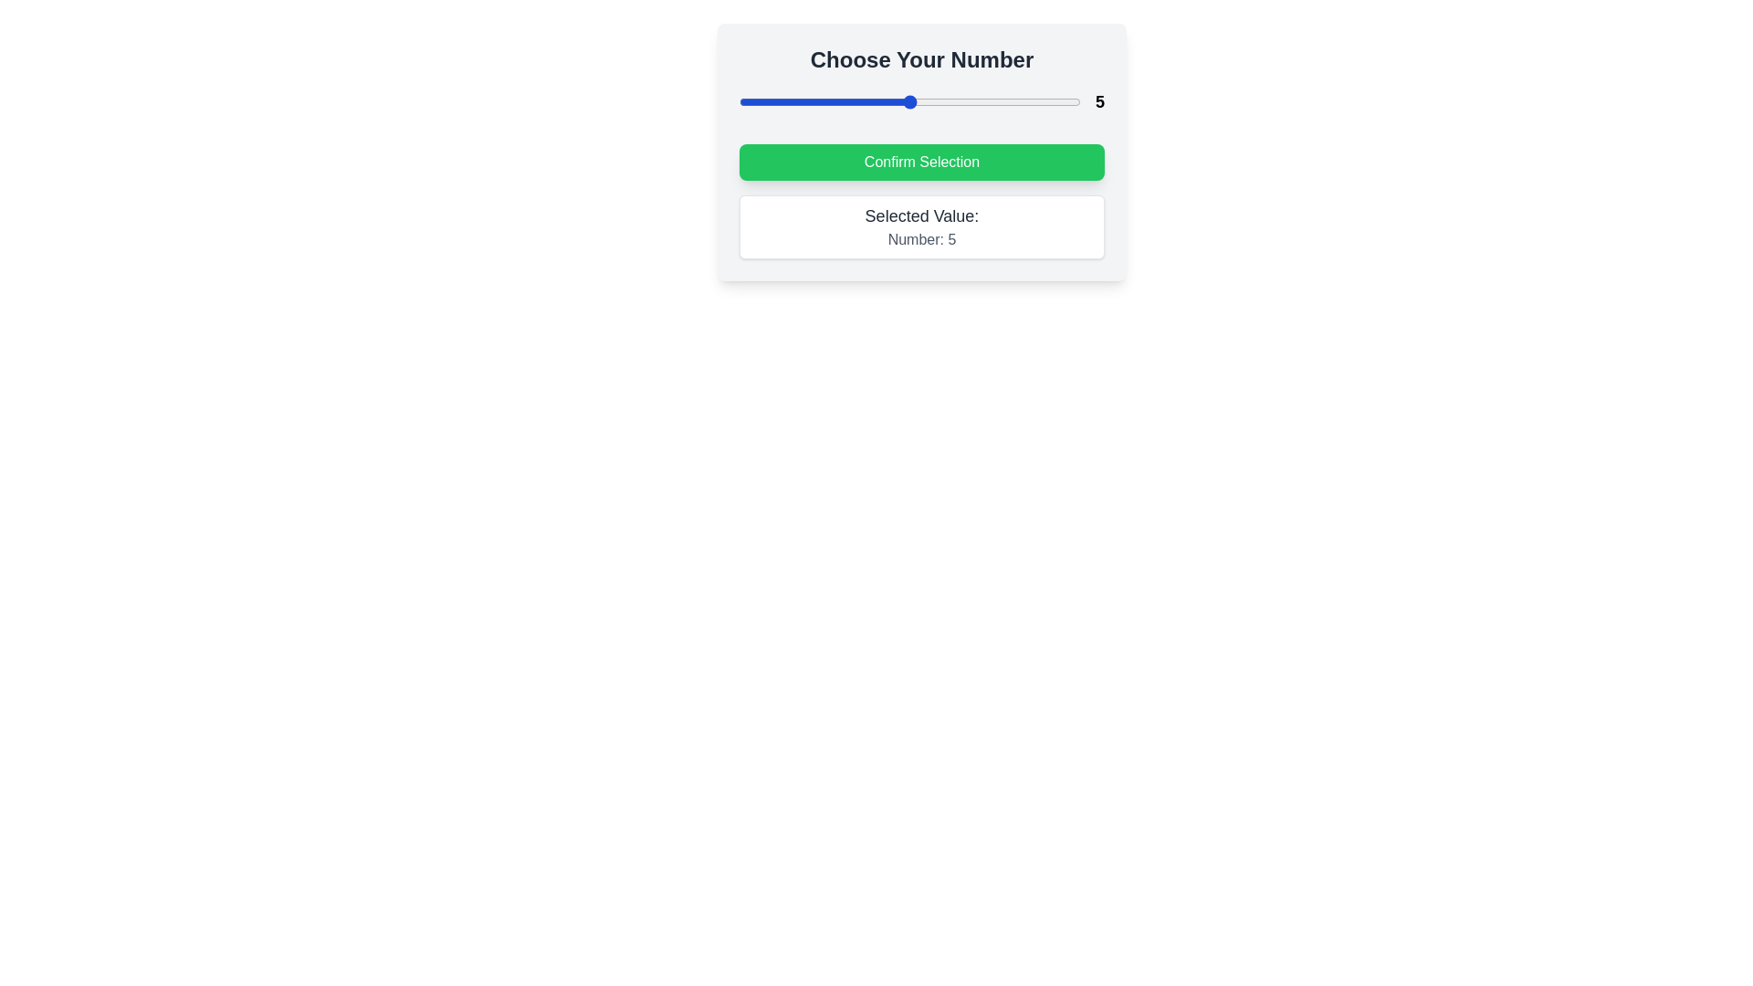 Image resolution: width=1753 pixels, height=986 pixels. Describe the element at coordinates (1098, 101) in the screenshot. I see `the numeric label displaying '5'` at that location.